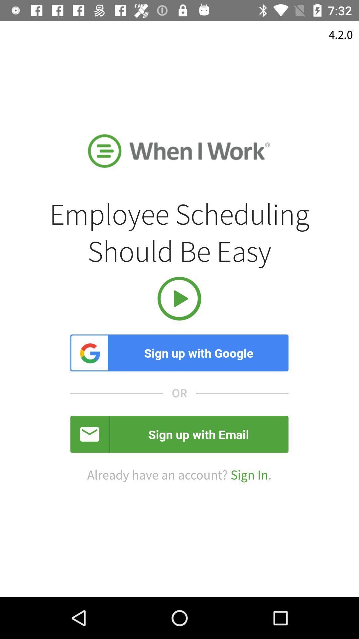 Image resolution: width=359 pixels, height=639 pixels. I want to click on the item below employee scheduling should, so click(179, 298).